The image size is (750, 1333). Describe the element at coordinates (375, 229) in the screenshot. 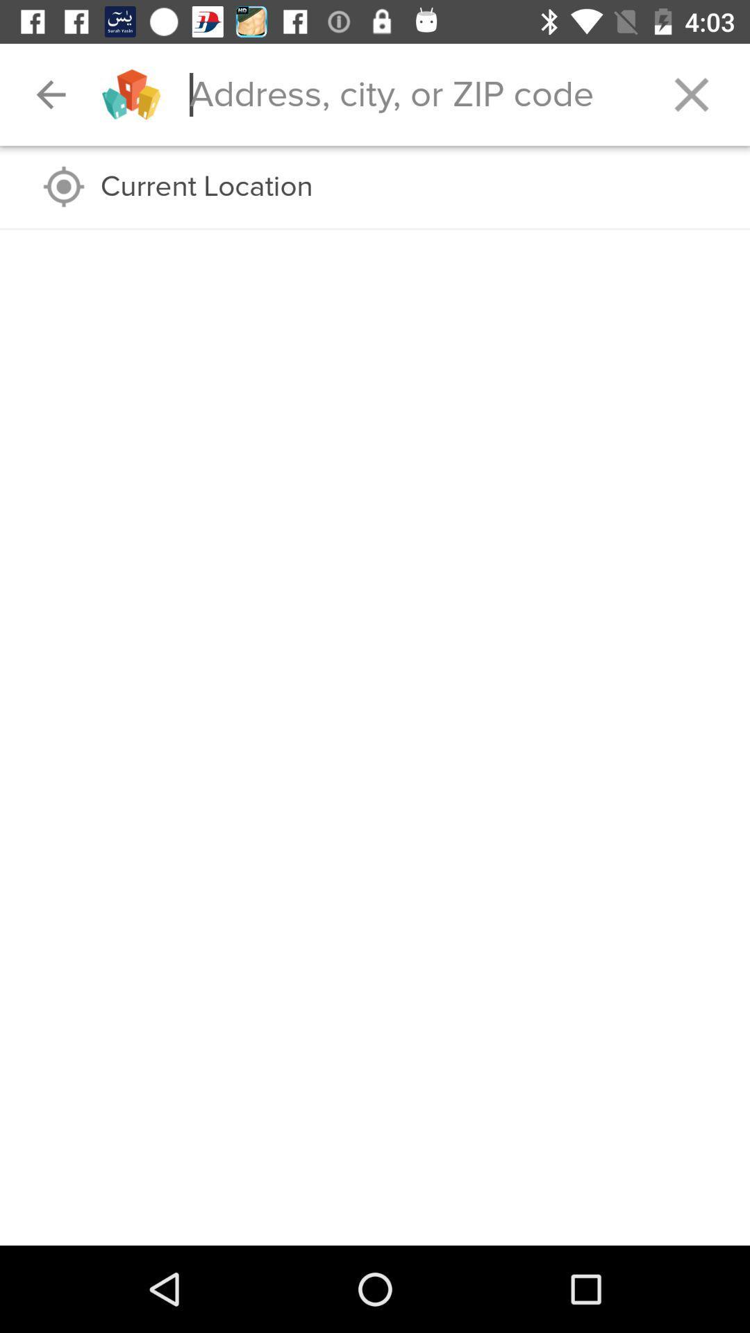

I see `item below current location icon` at that location.